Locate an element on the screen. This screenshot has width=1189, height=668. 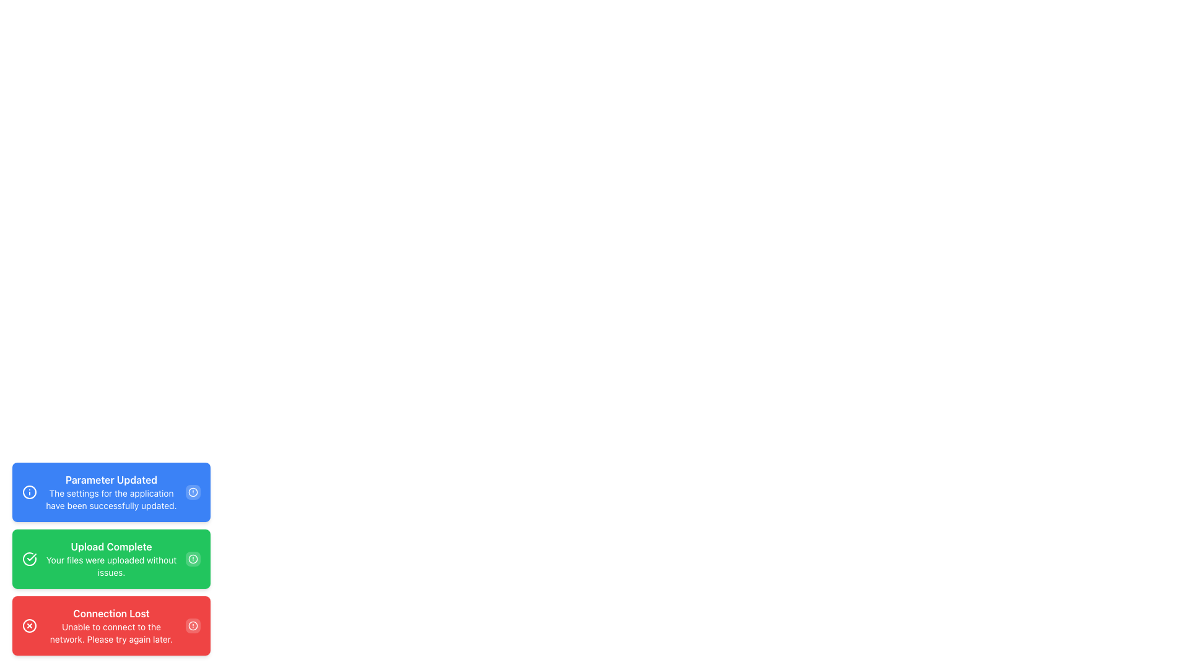
the text element displaying 'Your files were uploaded without issues.' which is styled with a green background and positioned under the header 'Upload Complete' is located at coordinates (111, 566).